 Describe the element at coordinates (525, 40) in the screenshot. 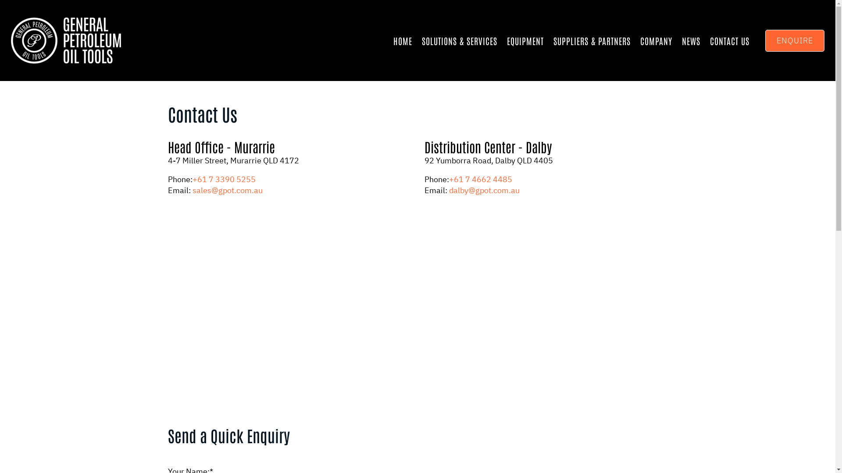

I see `'EQUIPMENT'` at that location.